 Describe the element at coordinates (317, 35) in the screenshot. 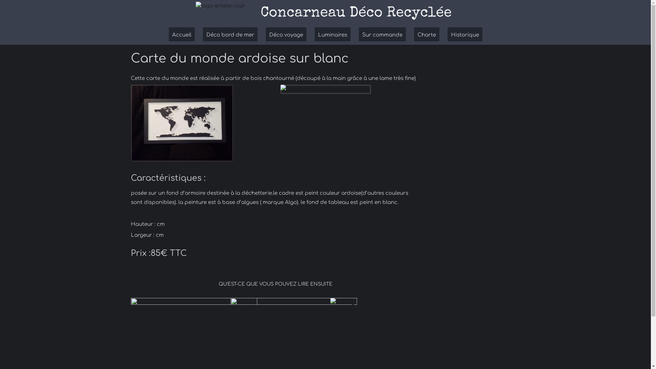

I see `'Luminaires'` at that location.